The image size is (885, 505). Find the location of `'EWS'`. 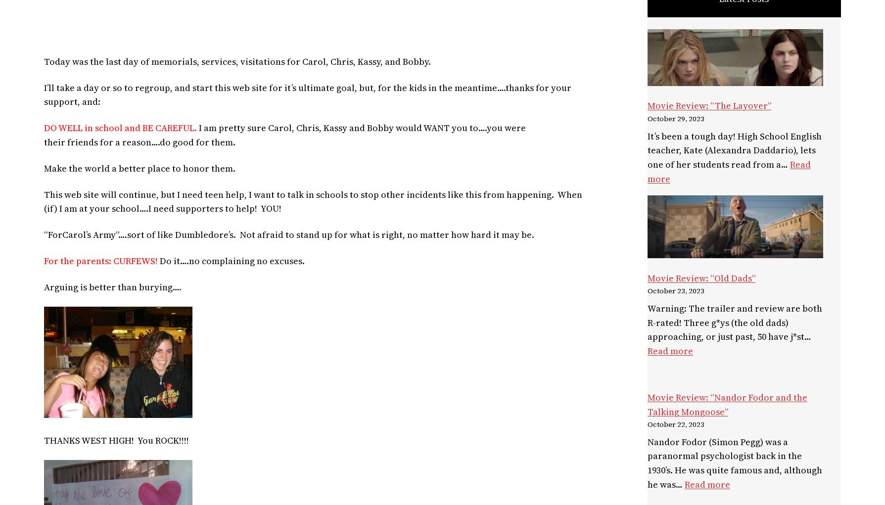

'EWS' is located at coordinates (145, 261).